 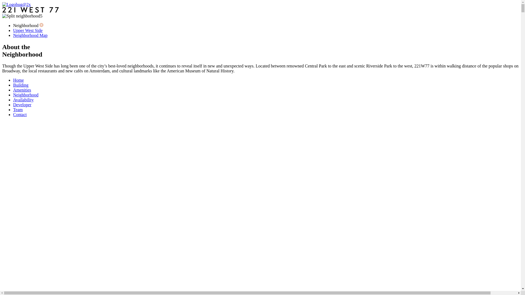 I want to click on 'Neighborhood', so click(x=25, y=95).